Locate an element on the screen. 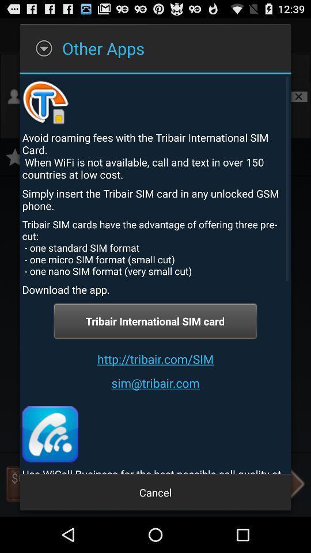 Image resolution: width=311 pixels, height=553 pixels. call is located at coordinates (50, 433).